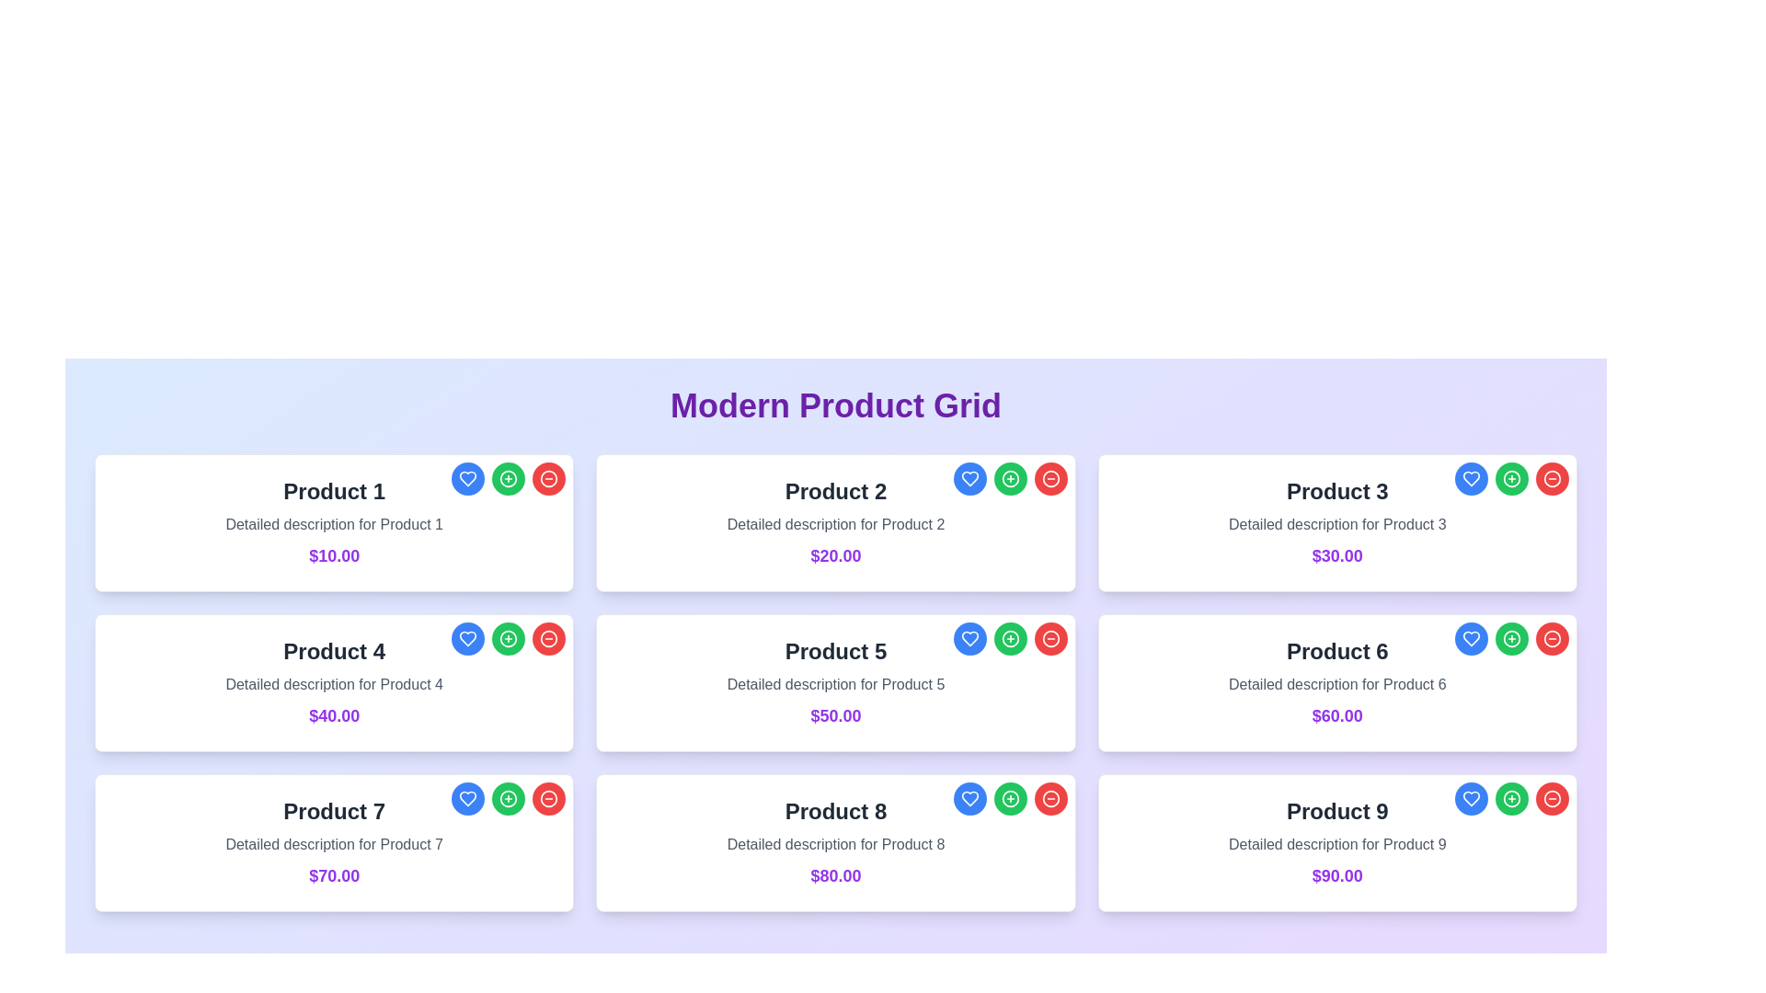 Image resolution: width=1766 pixels, height=993 pixels. I want to click on the heart-shaped icon in the top-right corner of the 'Product 8' card, so click(969, 797).